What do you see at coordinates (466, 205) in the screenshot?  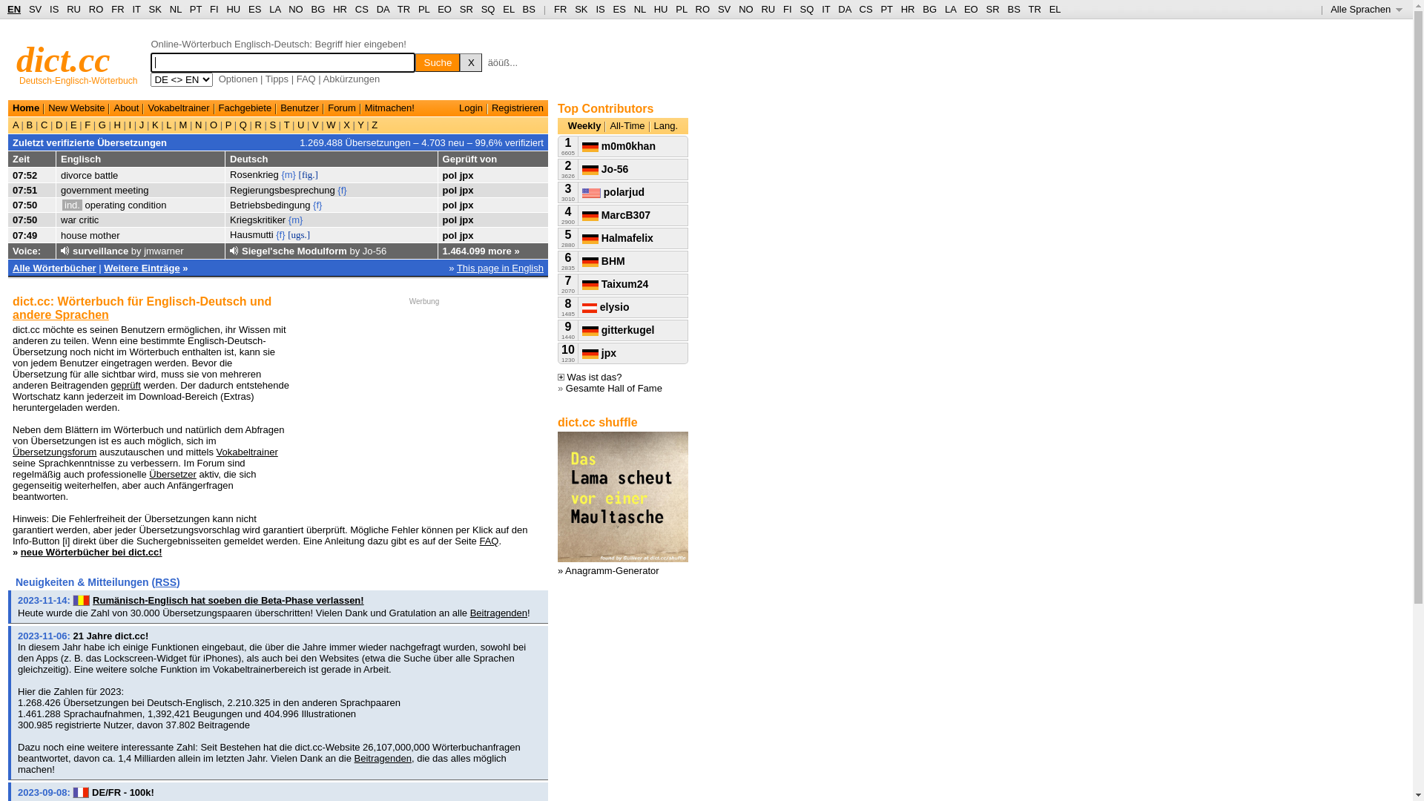 I see `'jpx'` at bounding box center [466, 205].